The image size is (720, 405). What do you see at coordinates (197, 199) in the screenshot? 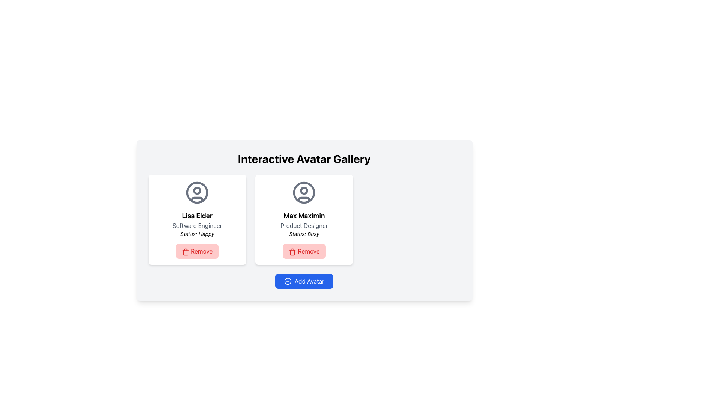
I see `curve element within the user profile icon located beneath the head of the user icon for debugging or customization purposes` at bounding box center [197, 199].